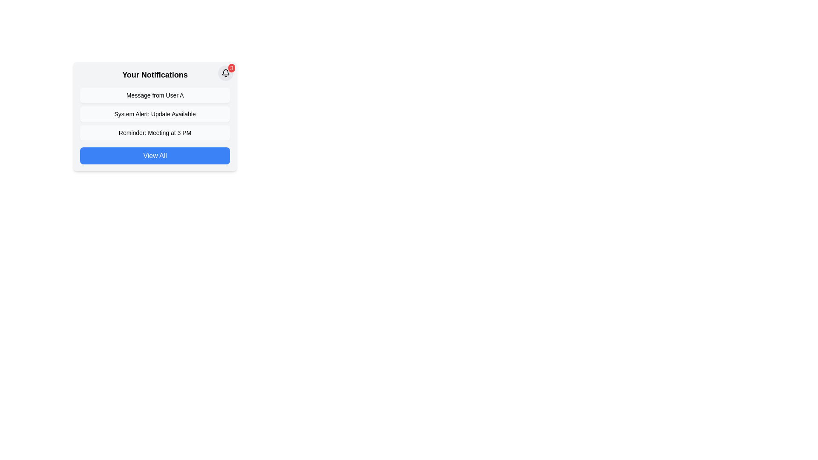 The width and height of the screenshot is (818, 460). What do you see at coordinates (155, 156) in the screenshot?
I see `the blue rectangular button labeled 'View All'` at bounding box center [155, 156].